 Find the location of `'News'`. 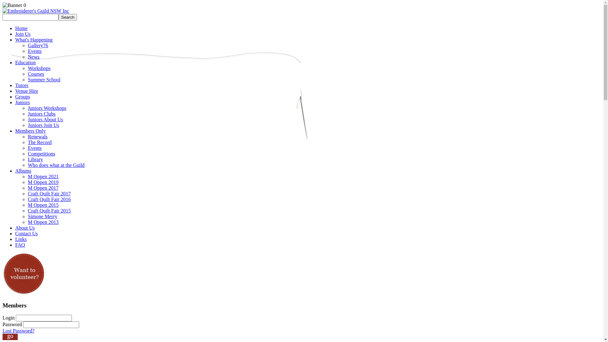

'News' is located at coordinates (33, 56).